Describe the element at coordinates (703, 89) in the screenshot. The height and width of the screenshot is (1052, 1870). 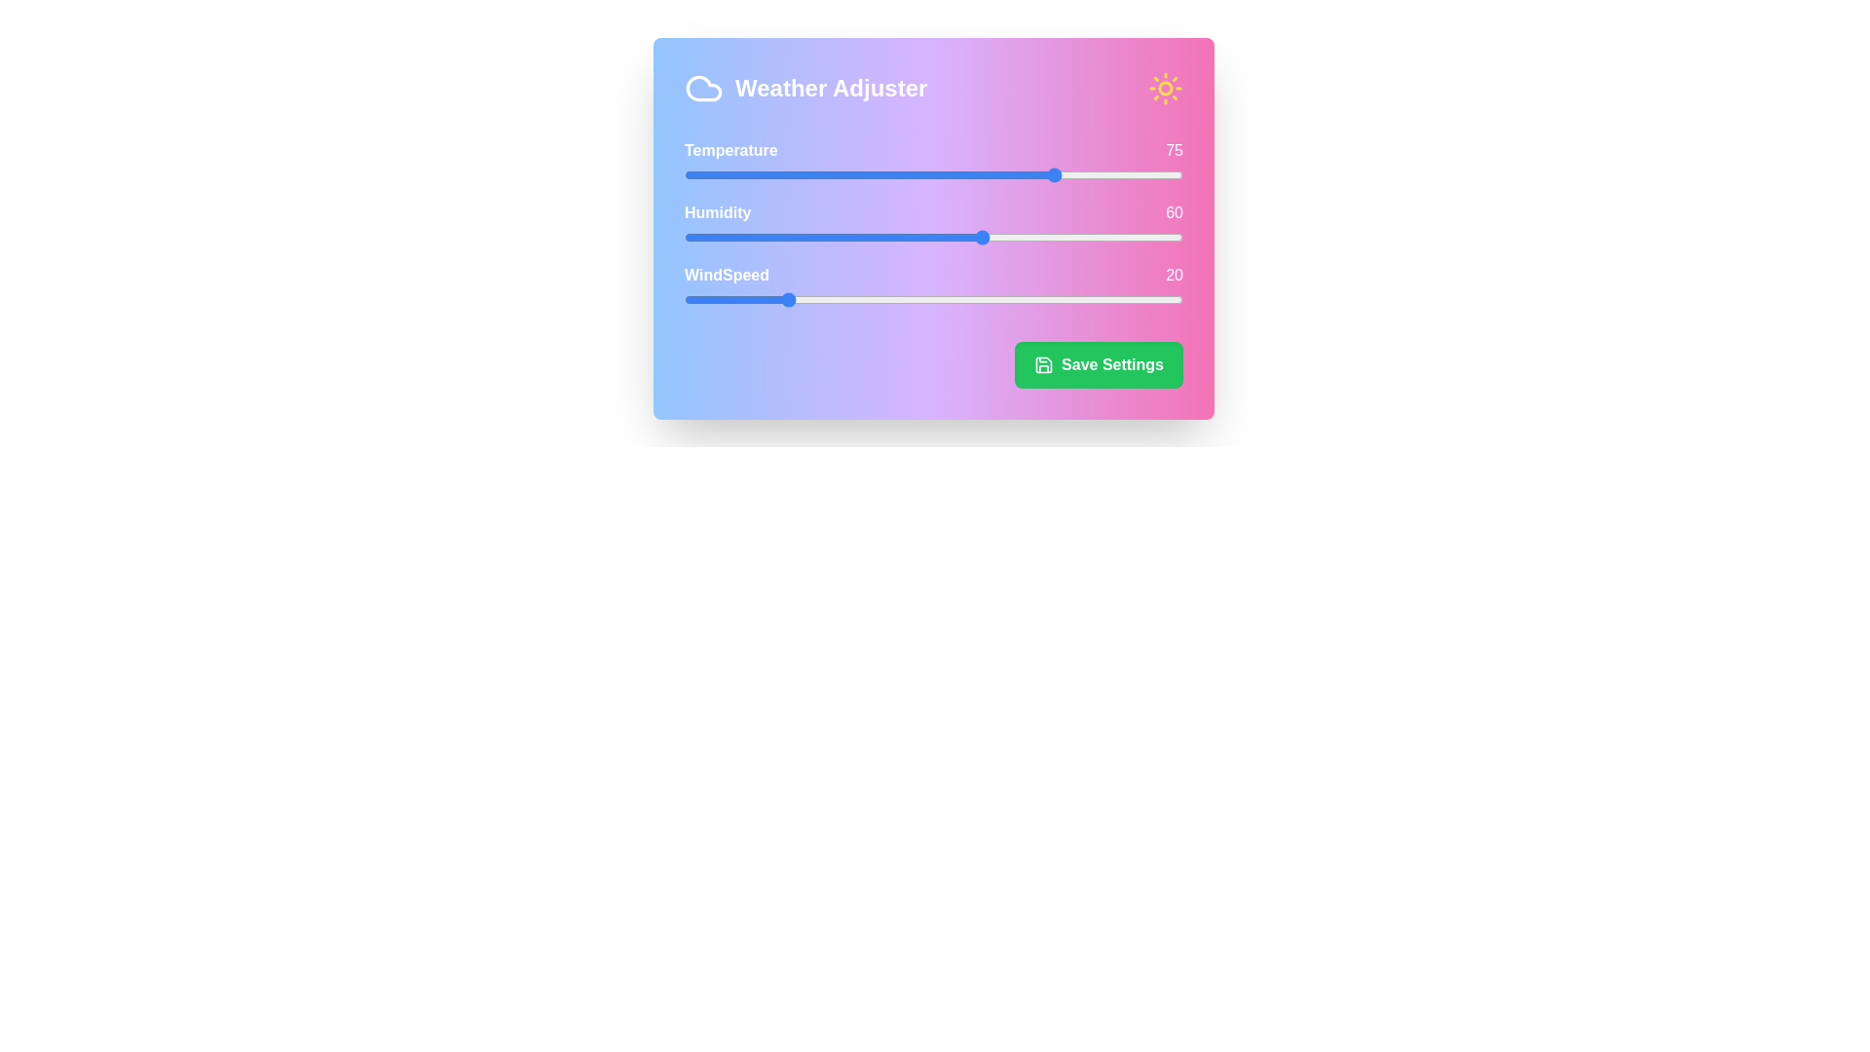
I see `the cloud-shaped icon located in the top-left corner of the panel, next to the 'Weather Adjuster' title` at that location.